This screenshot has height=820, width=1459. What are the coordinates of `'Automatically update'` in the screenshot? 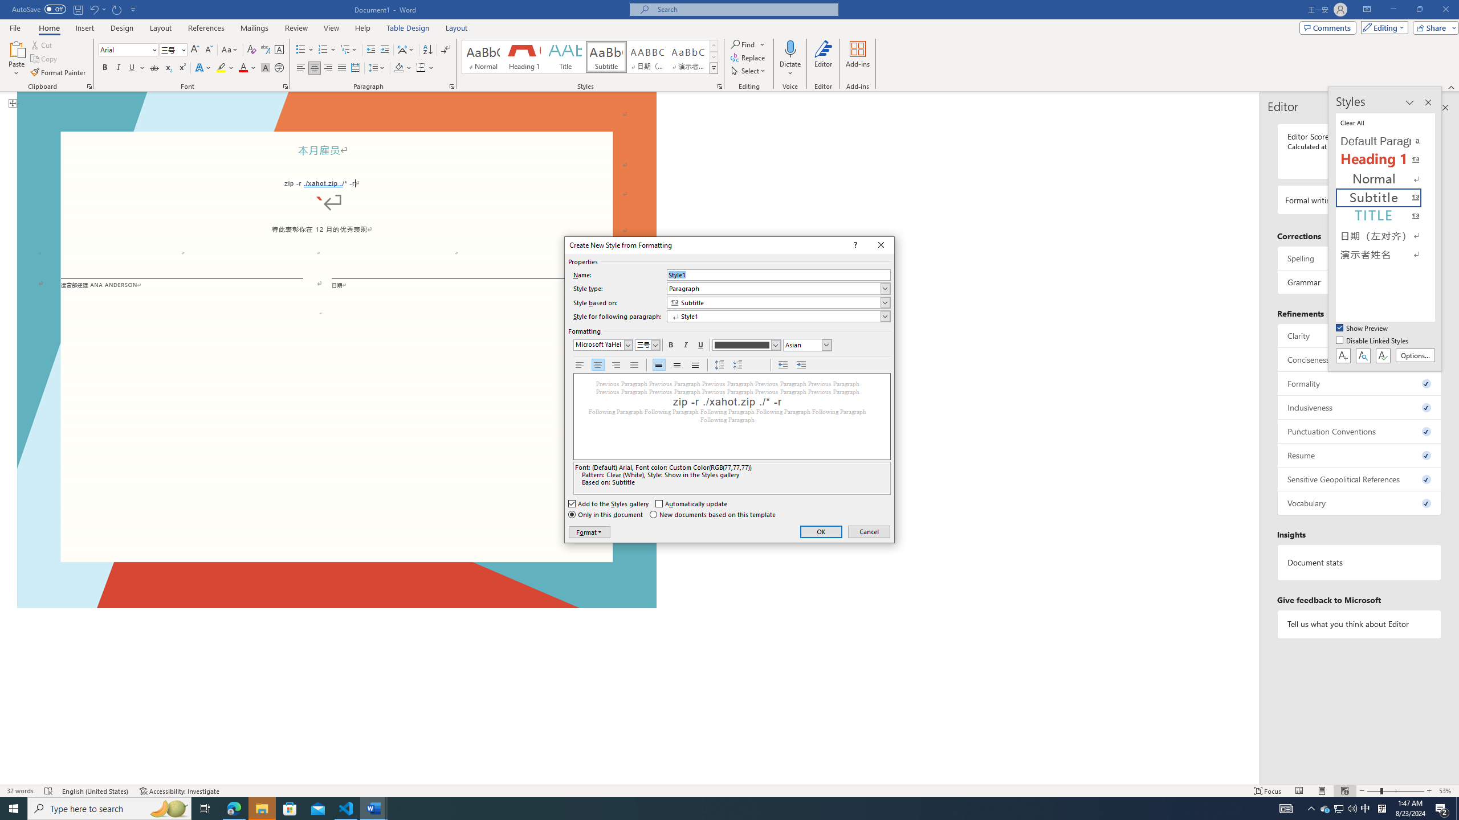 It's located at (692, 503).